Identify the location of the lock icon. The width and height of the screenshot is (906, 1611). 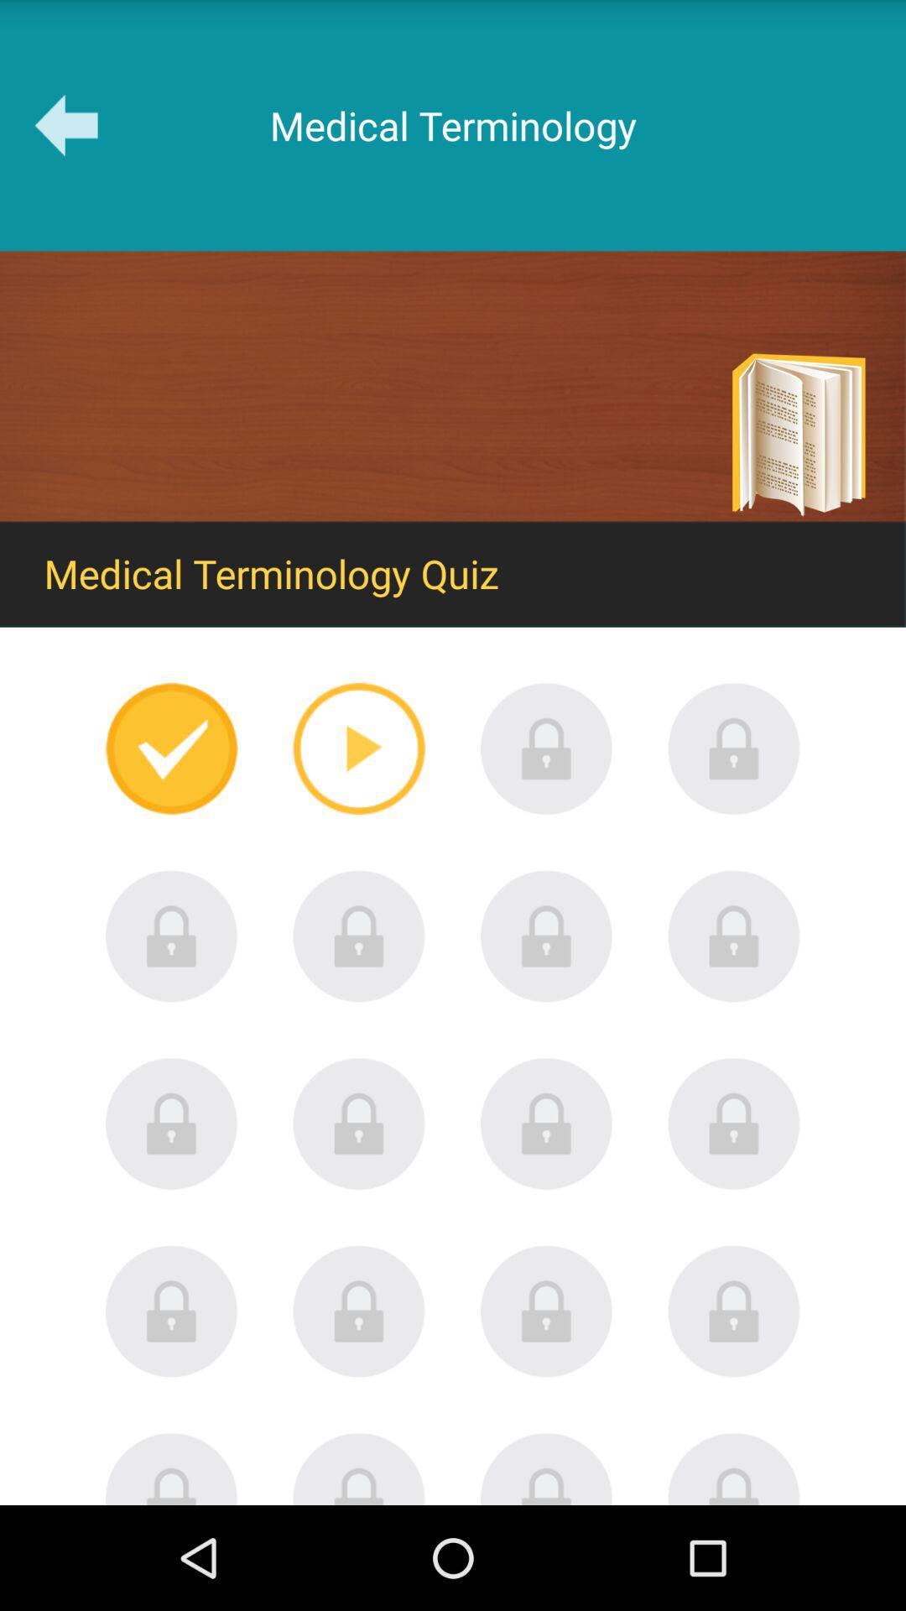
(171, 1002).